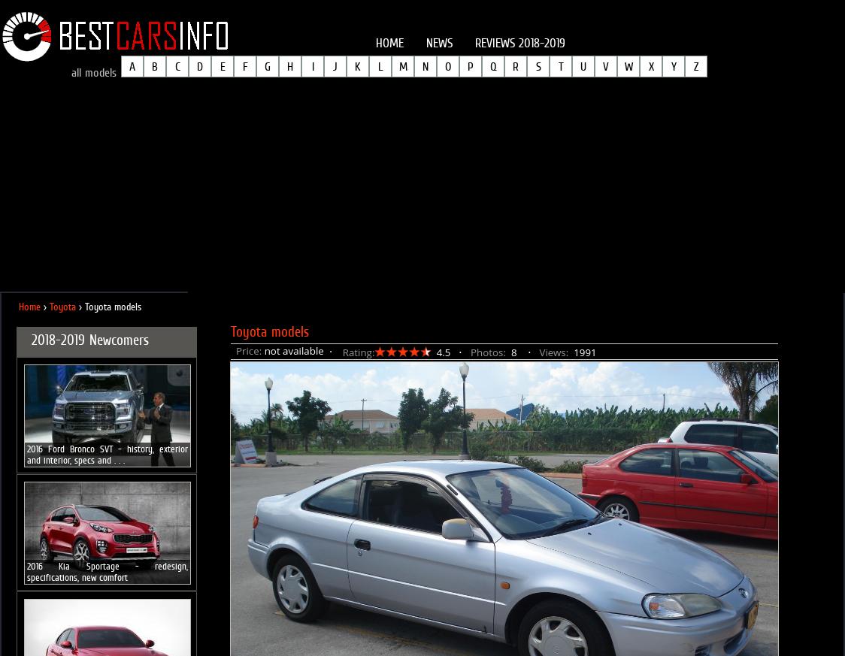  Describe the element at coordinates (108, 306) in the screenshot. I see `'›
Toyota models'` at that location.